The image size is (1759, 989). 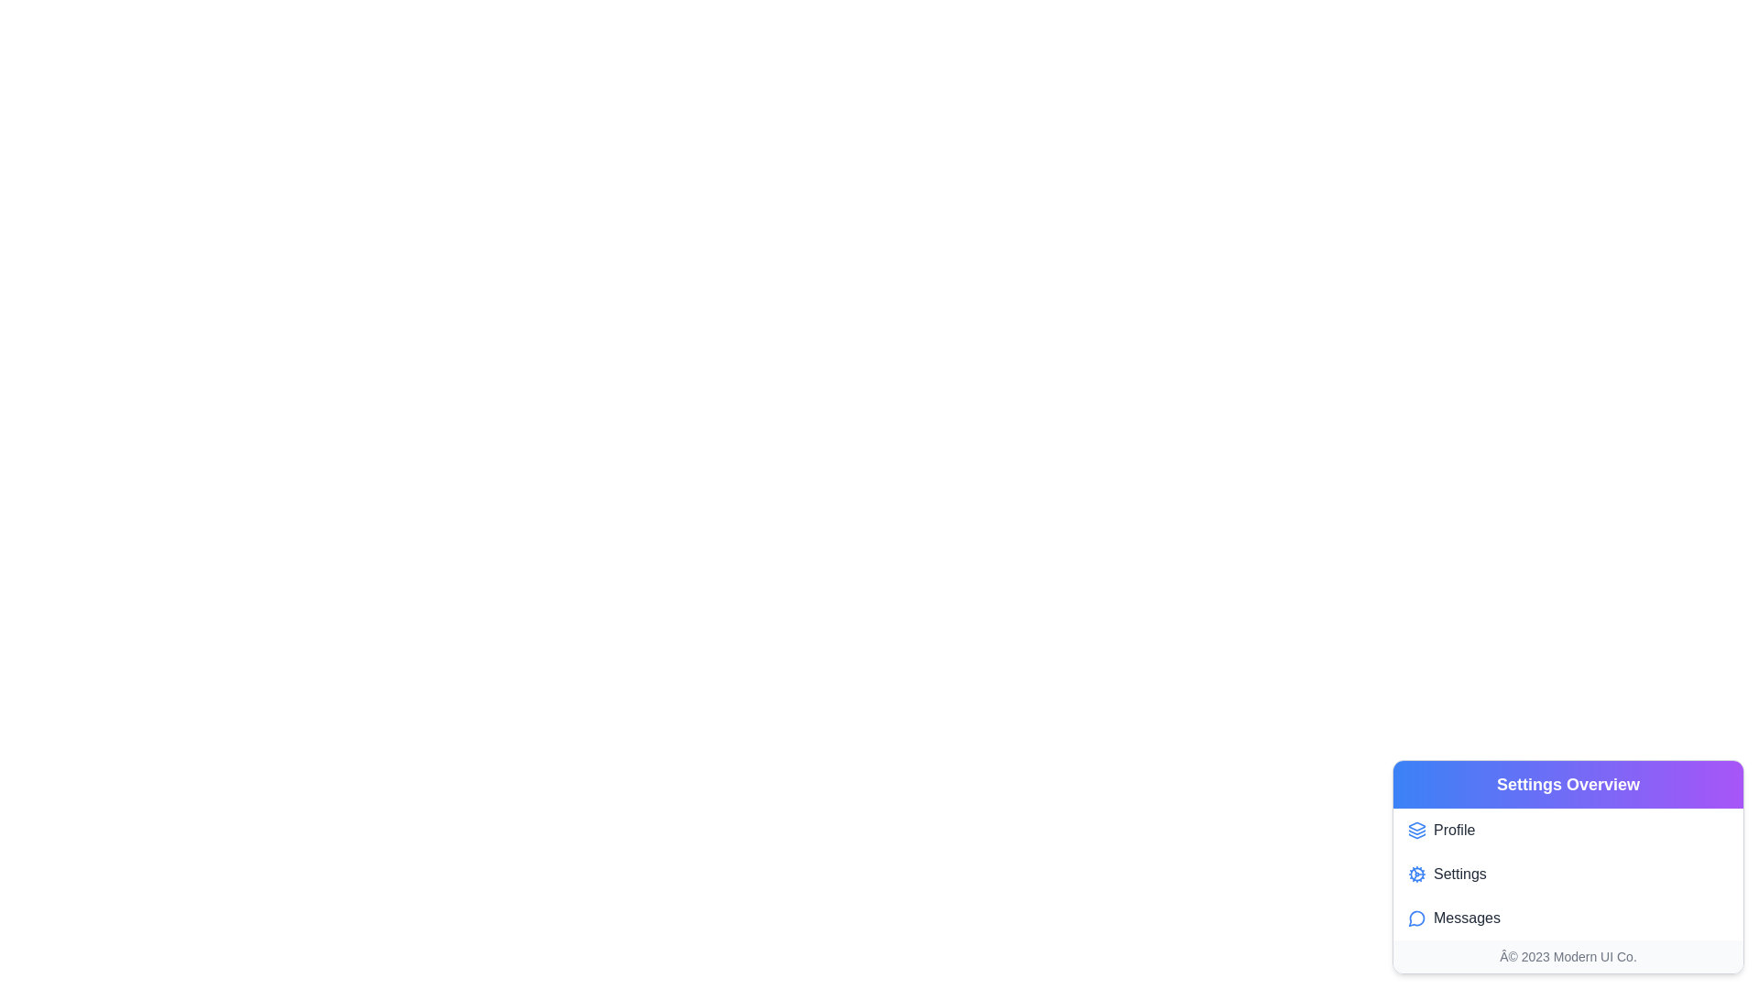 What do you see at coordinates (1415, 826) in the screenshot?
I see `the graphical icon component in the bottom-right corner of the 'Settings Overview' sidebar, which resembles a flat polygonal shape indicating layers` at bounding box center [1415, 826].